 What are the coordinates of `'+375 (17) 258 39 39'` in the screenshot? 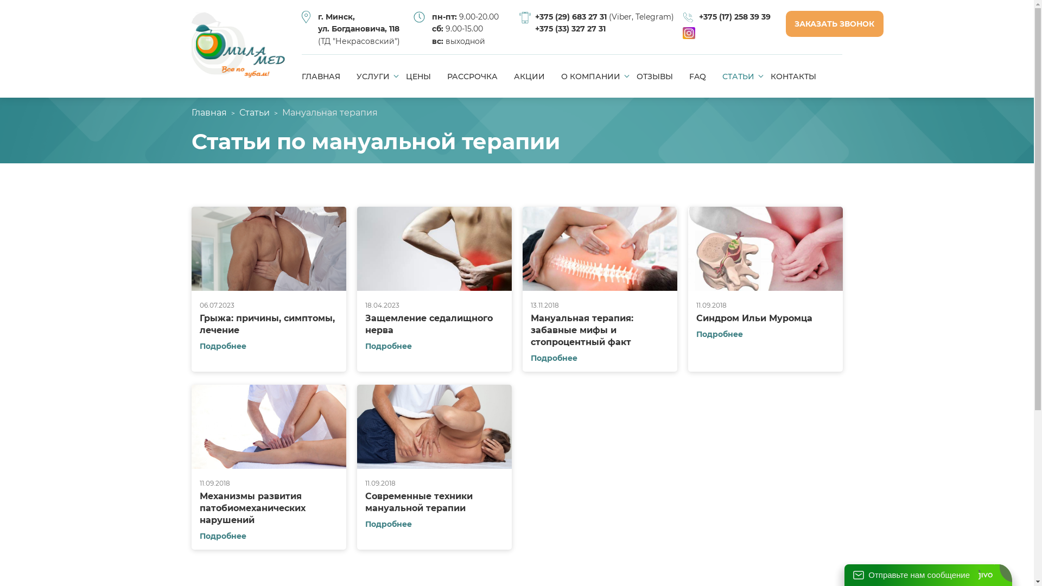 It's located at (698, 16).